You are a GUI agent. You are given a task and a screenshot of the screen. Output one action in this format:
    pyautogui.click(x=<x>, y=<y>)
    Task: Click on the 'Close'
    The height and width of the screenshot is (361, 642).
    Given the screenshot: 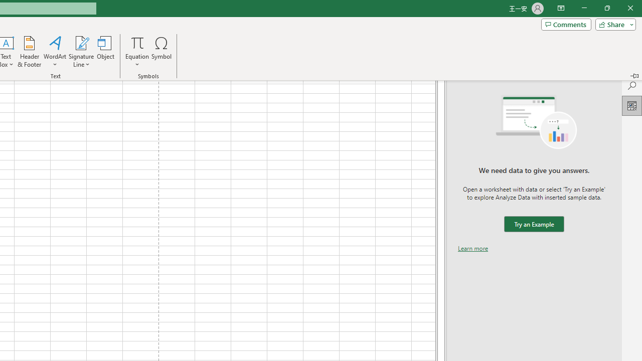 What is the action you would take?
    pyautogui.click(x=629, y=8)
    